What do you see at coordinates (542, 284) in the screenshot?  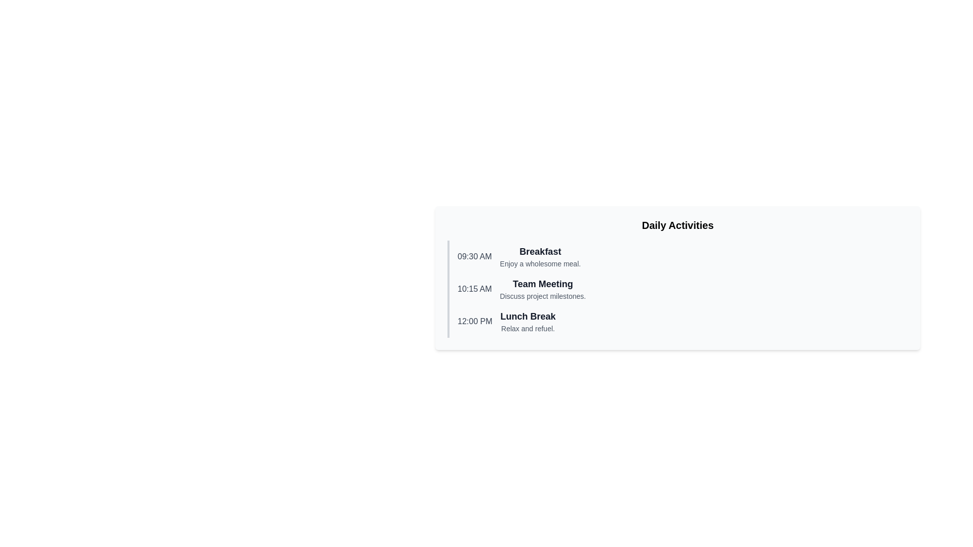 I see `the Text Label indicating the scheduled meeting title located in the '10:15 AM' time slot under 'Daily Activities'` at bounding box center [542, 284].